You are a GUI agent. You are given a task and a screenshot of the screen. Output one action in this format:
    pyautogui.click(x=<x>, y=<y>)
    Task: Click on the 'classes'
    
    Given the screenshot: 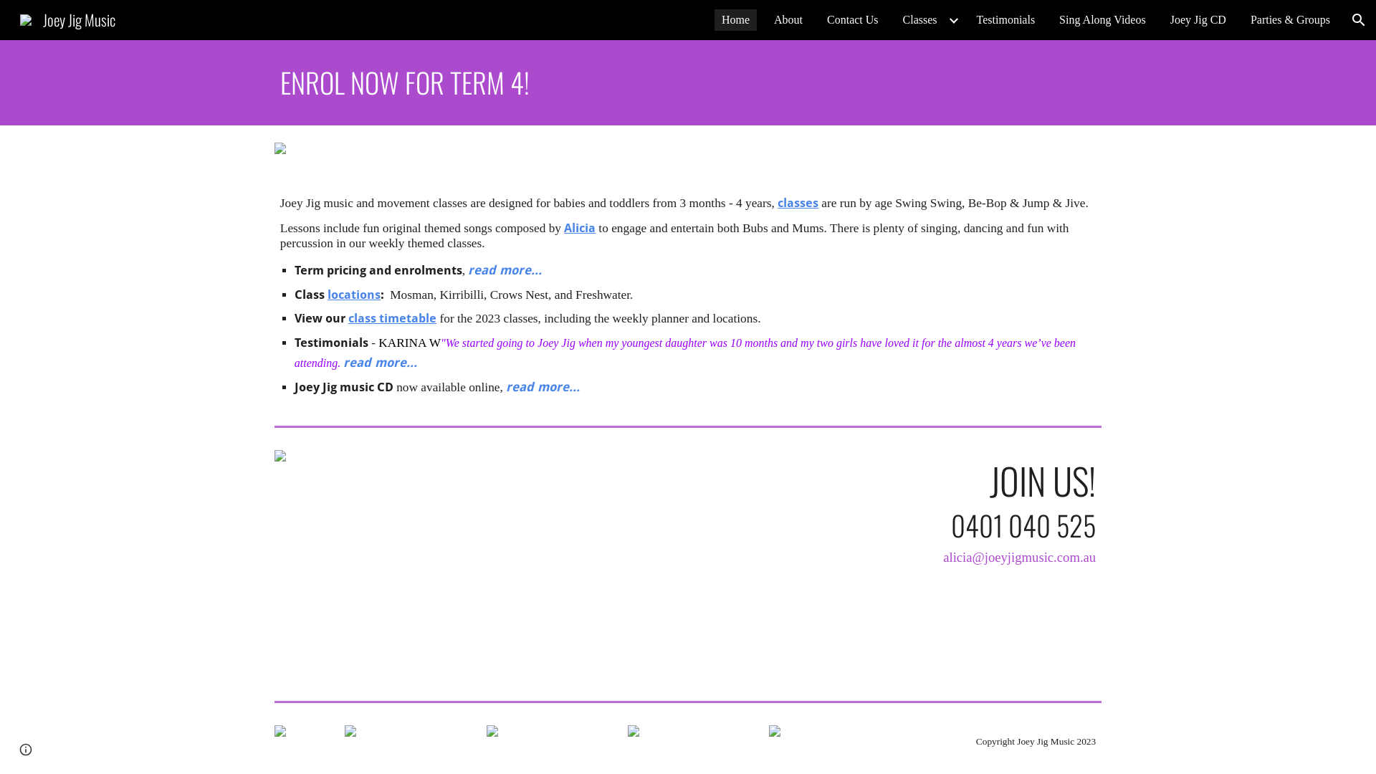 What is the action you would take?
    pyautogui.click(x=797, y=203)
    